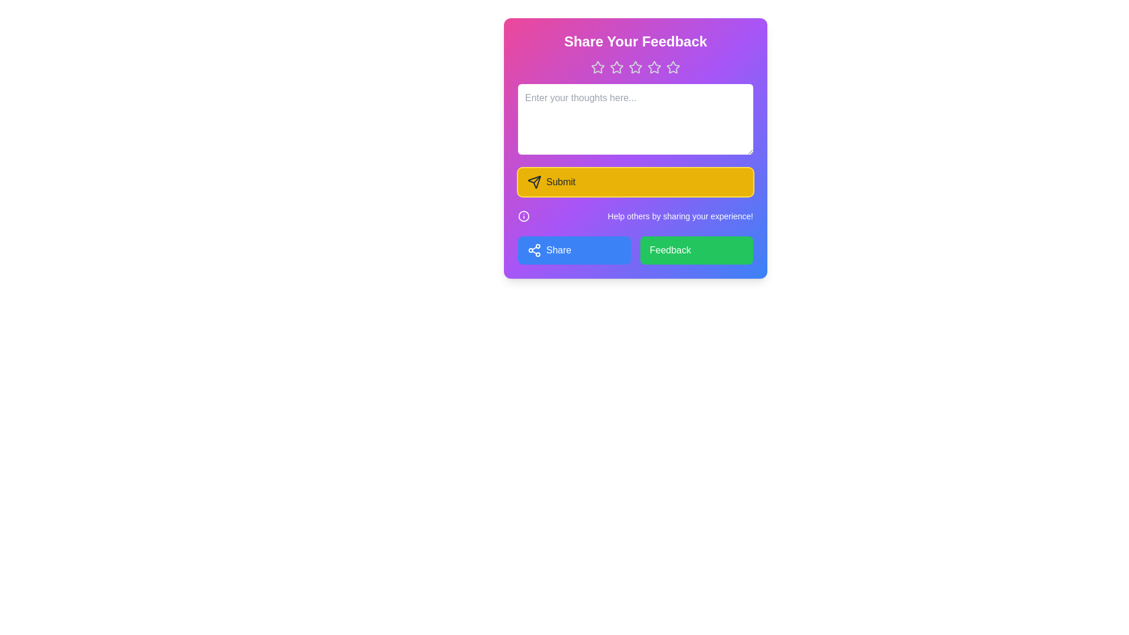 Image resolution: width=1129 pixels, height=635 pixels. Describe the element at coordinates (574, 249) in the screenshot. I see `the first button in the feedback form` at that location.